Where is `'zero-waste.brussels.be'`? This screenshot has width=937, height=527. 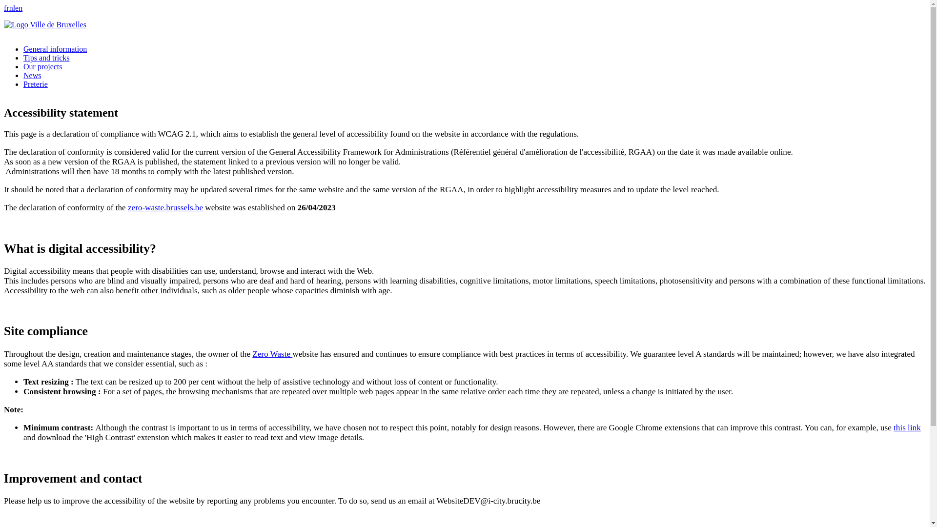 'zero-waste.brussels.be' is located at coordinates (165, 207).